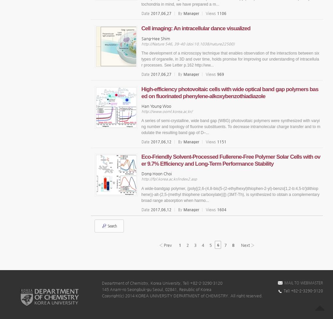 The image size is (333, 319). Describe the element at coordinates (230, 194) in the screenshot. I see `'A wide-bandgap polymer, (poly[(2,6-(4,8-bis(5-(2-ethylhexyl)thiophen-2-yl)-benzo[1,2-b:4,5-b′]dithiophene))-alt-(2,5-(methyl thiophene carboxylate))]) (3MT-Th), is synthesized to obtain a complementary broad range absorption when harmo...'` at that location.